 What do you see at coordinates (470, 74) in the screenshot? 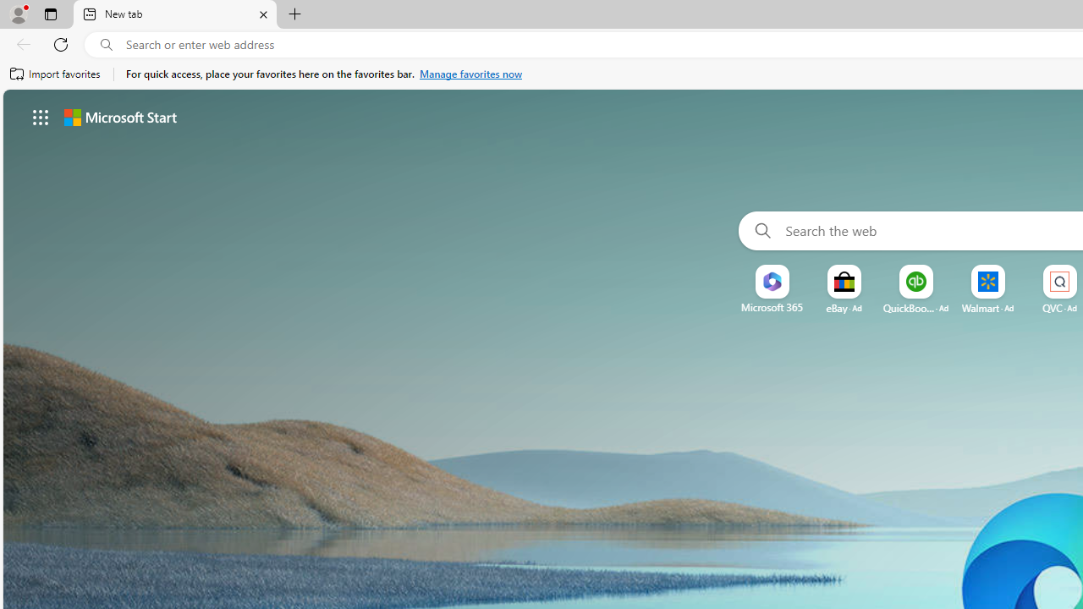
I see `'Manage favorites now'` at bounding box center [470, 74].